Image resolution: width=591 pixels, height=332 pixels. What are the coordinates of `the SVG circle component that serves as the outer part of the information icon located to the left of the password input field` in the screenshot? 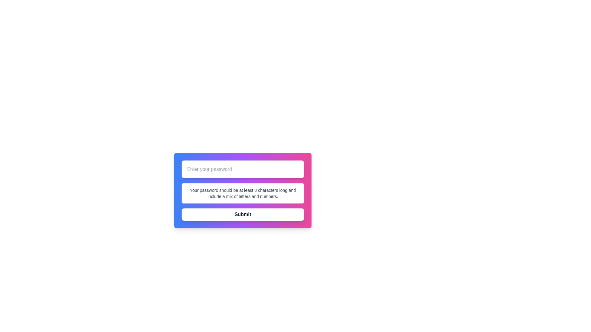 It's located at (190, 169).